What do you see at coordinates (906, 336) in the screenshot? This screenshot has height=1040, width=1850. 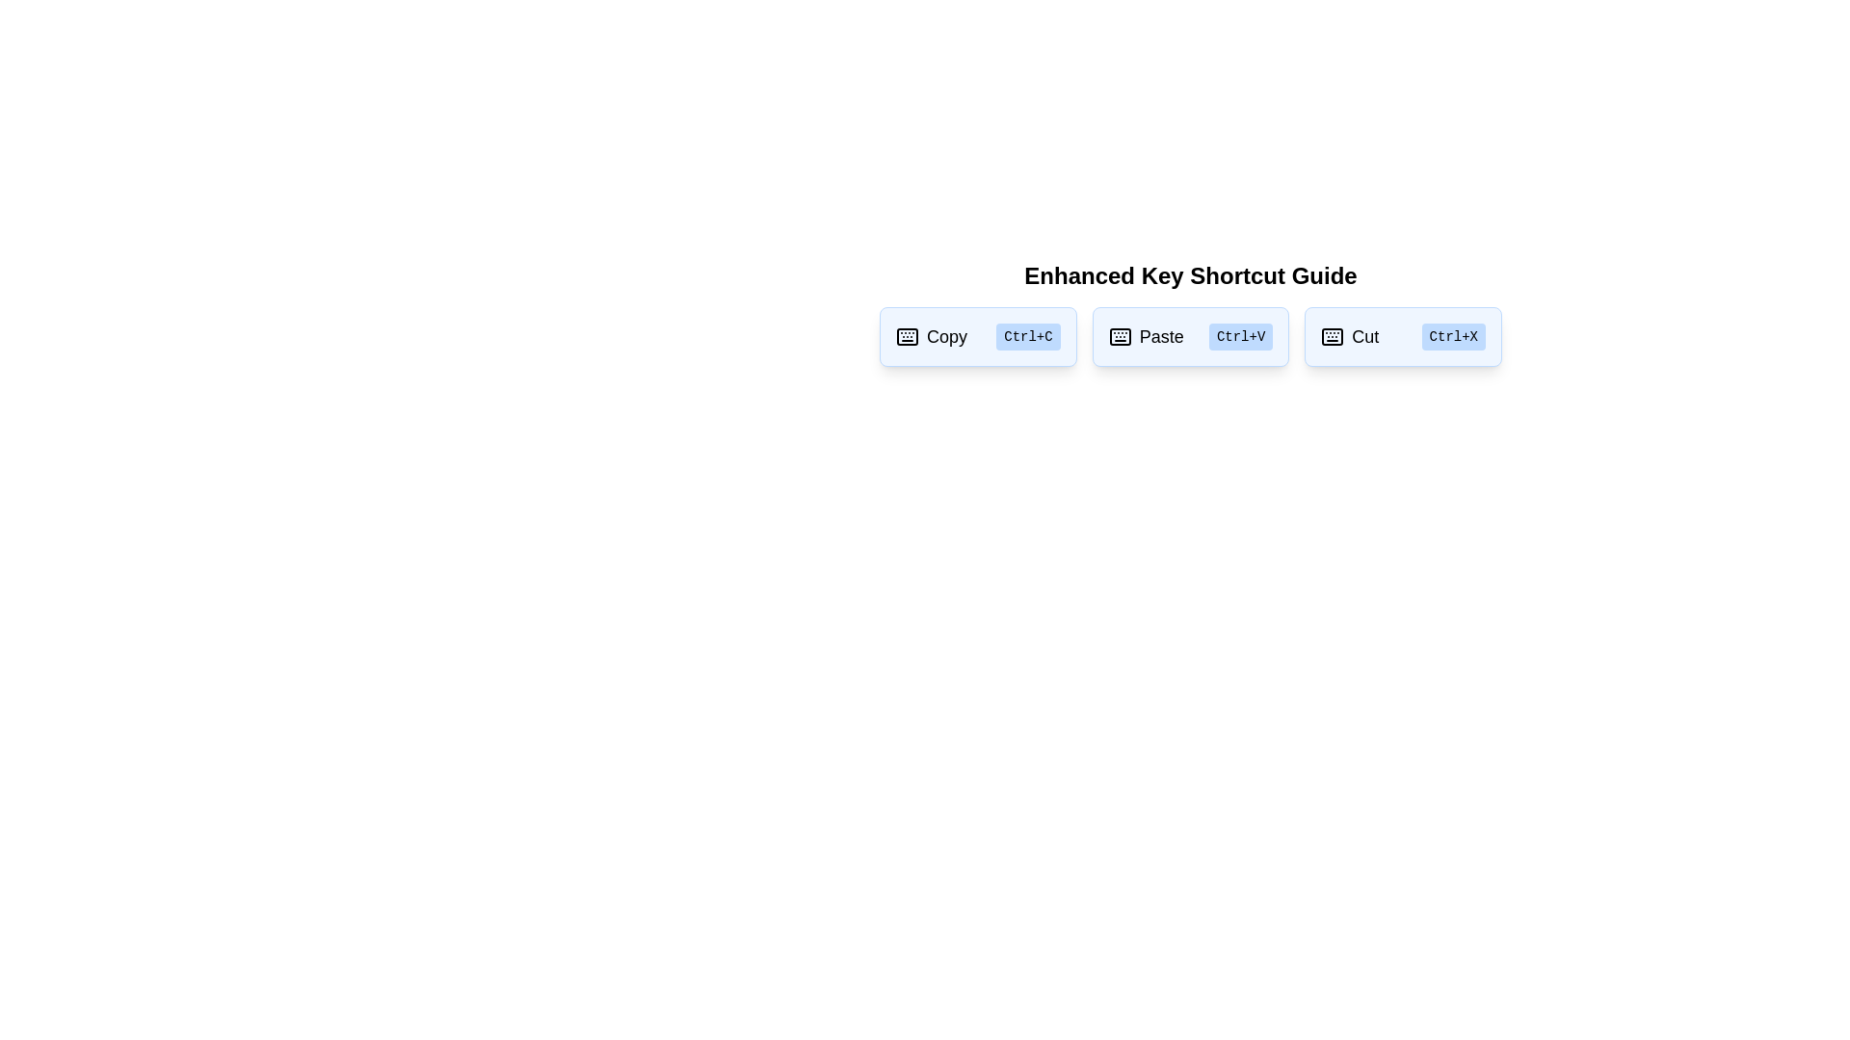 I see `the keyboard icon located to the left of the 'Copy' text within the button labeled 'Copy'` at bounding box center [906, 336].